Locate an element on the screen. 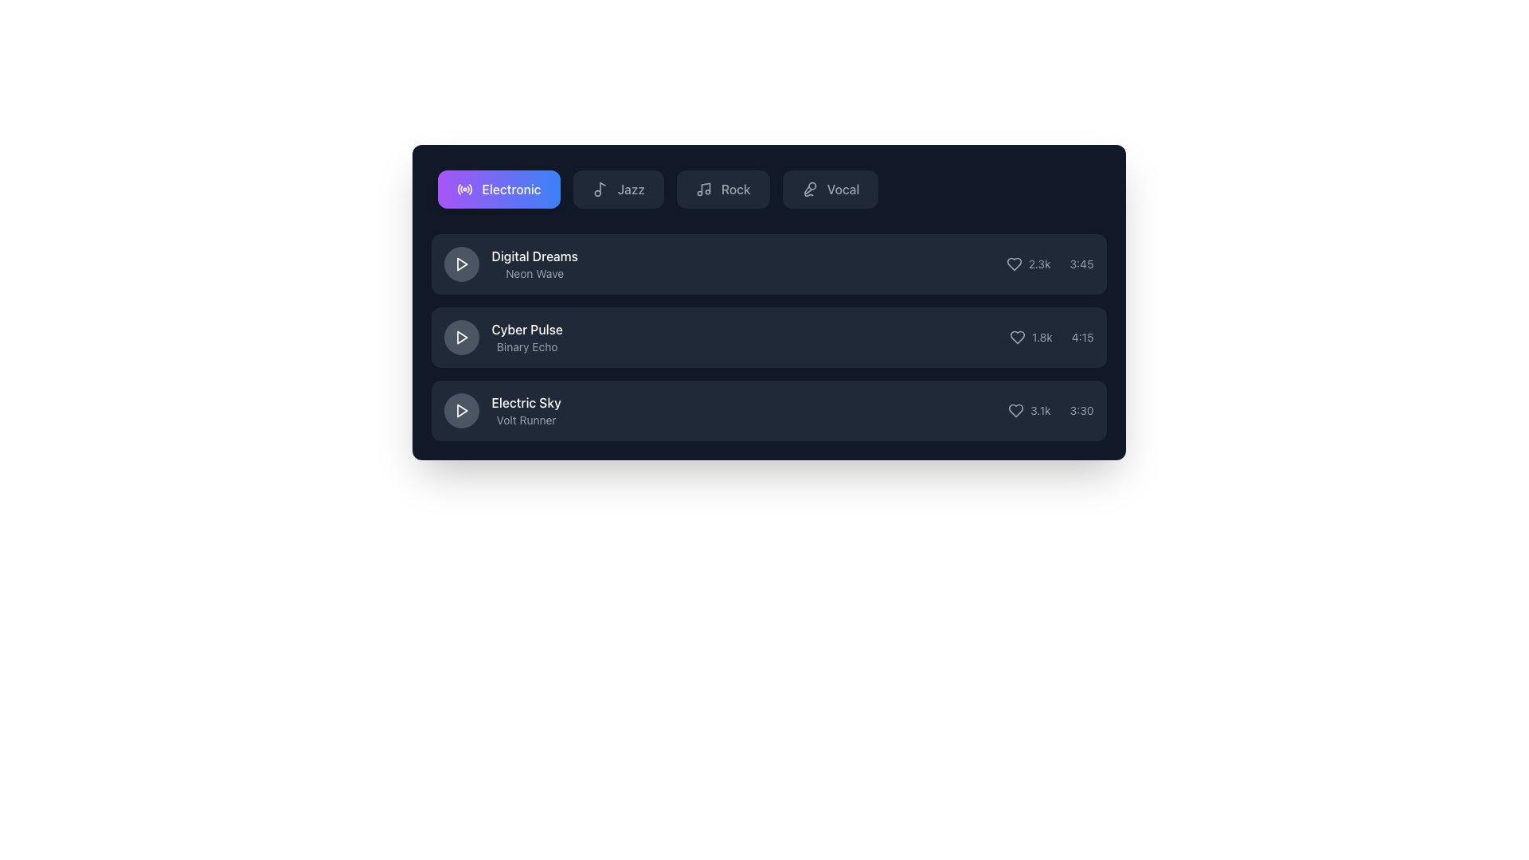 This screenshot has width=1529, height=860. text label 'Binary Echo' which is located in the second row of the music track list below the 'Cyber Pulse' title is located at coordinates (527, 346).